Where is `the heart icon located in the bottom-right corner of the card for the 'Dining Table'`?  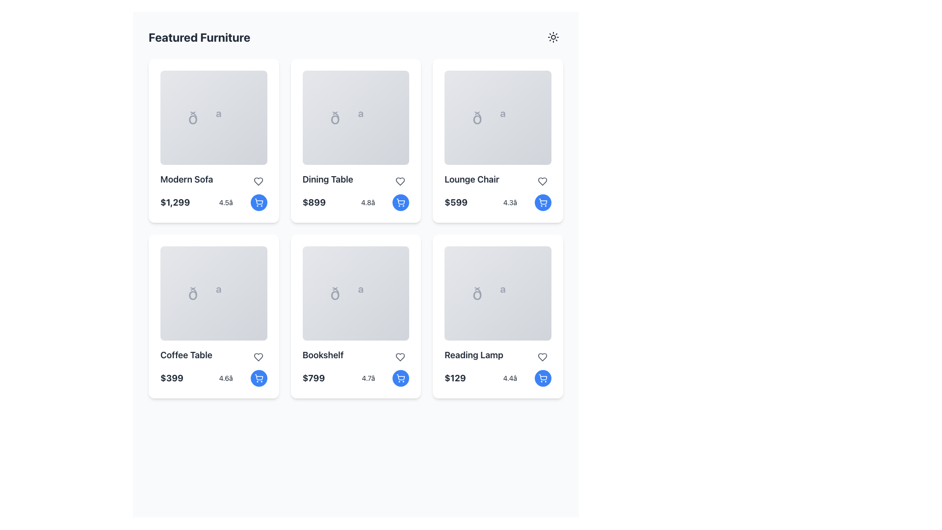
the heart icon located in the bottom-right corner of the card for the 'Dining Table' is located at coordinates (400, 182).